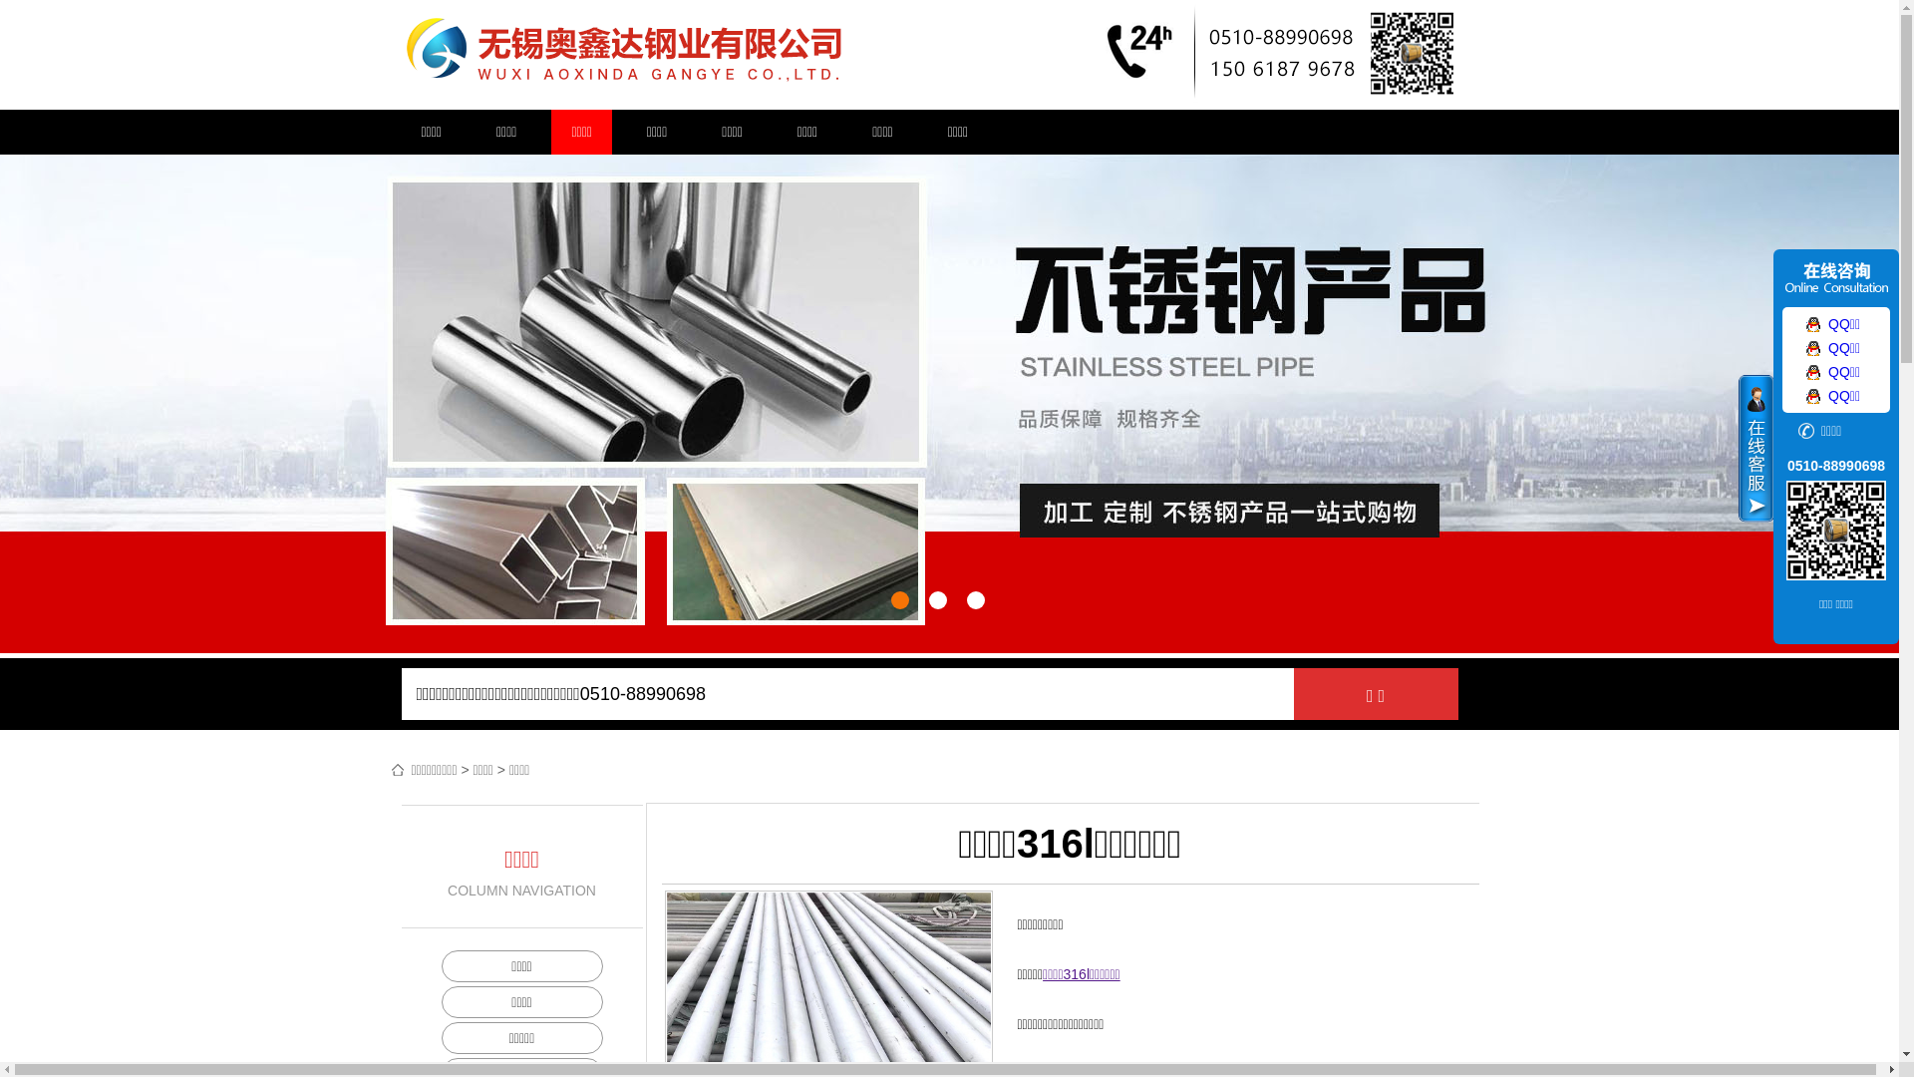  What do you see at coordinates (898, 598) in the screenshot?
I see `'1'` at bounding box center [898, 598].